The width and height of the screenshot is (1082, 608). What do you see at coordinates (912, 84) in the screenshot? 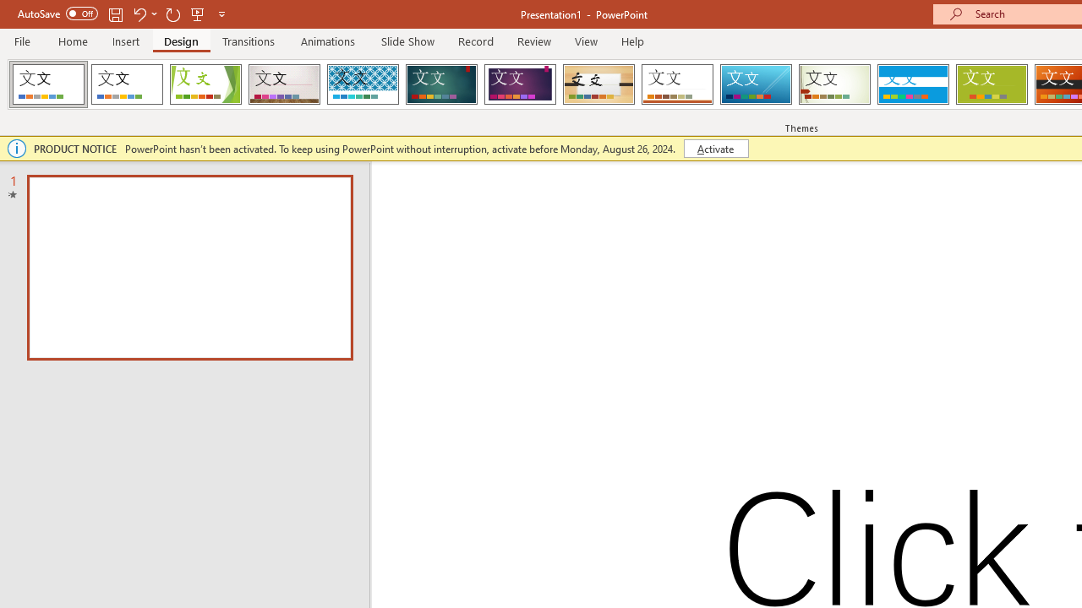
I see `'Banded'` at bounding box center [912, 84].